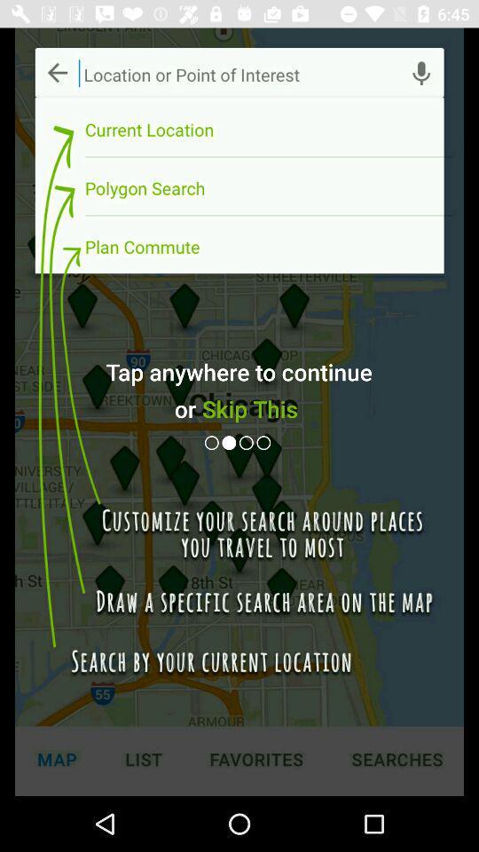 The height and width of the screenshot is (852, 479). I want to click on next, so click(264, 442).